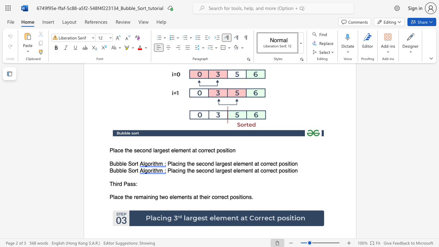  Describe the element at coordinates (111, 184) in the screenshot. I see `the 1th character "T" in the text` at that location.